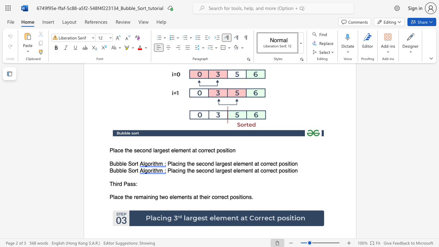  Describe the element at coordinates (111, 184) in the screenshot. I see `the 1th character "T" in the text` at that location.